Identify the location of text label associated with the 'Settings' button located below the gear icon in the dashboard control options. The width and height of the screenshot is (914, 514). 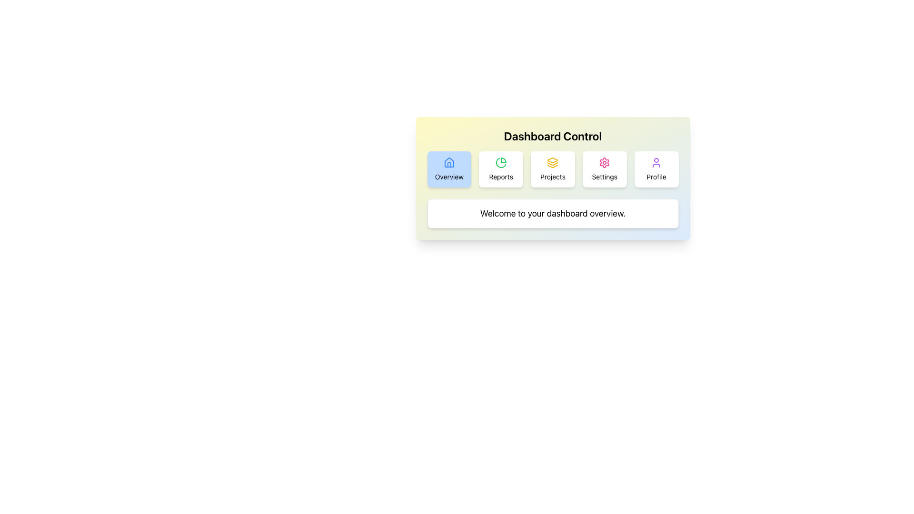
(604, 177).